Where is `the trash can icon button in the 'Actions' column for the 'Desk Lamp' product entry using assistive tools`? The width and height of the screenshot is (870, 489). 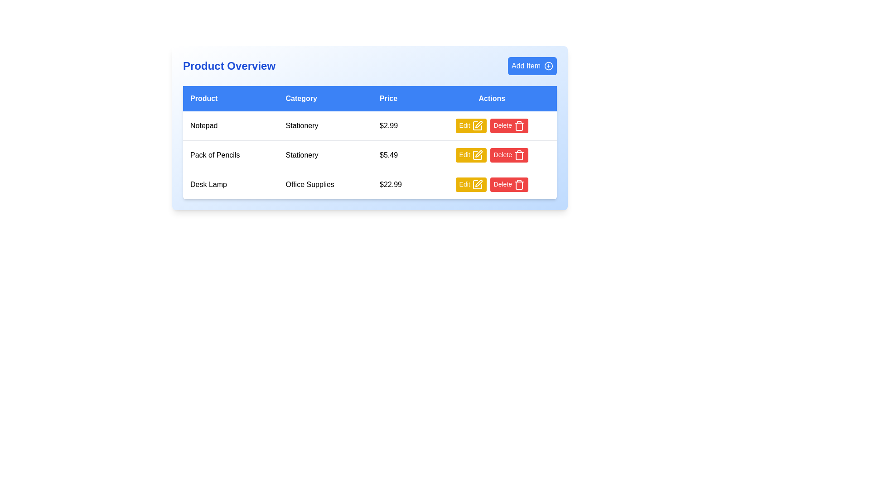 the trash can icon button in the 'Actions' column for the 'Desk Lamp' product entry using assistive tools is located at coordinates (519, 185).